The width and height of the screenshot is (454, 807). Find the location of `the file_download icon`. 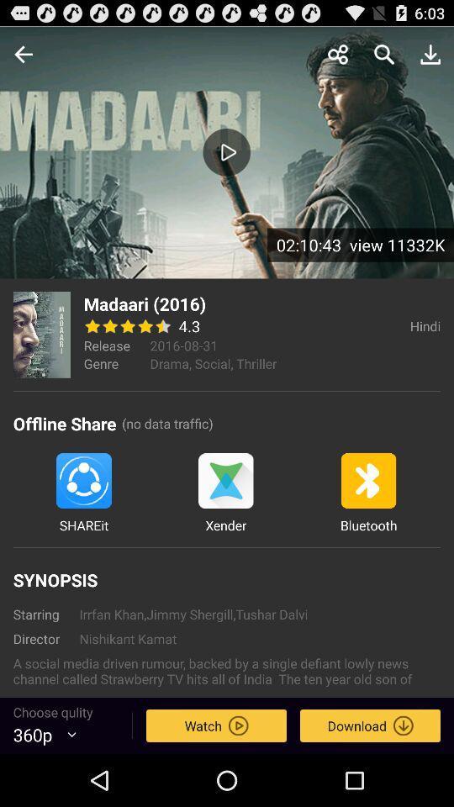

the file_download icon is located at coordinates (430, 58).